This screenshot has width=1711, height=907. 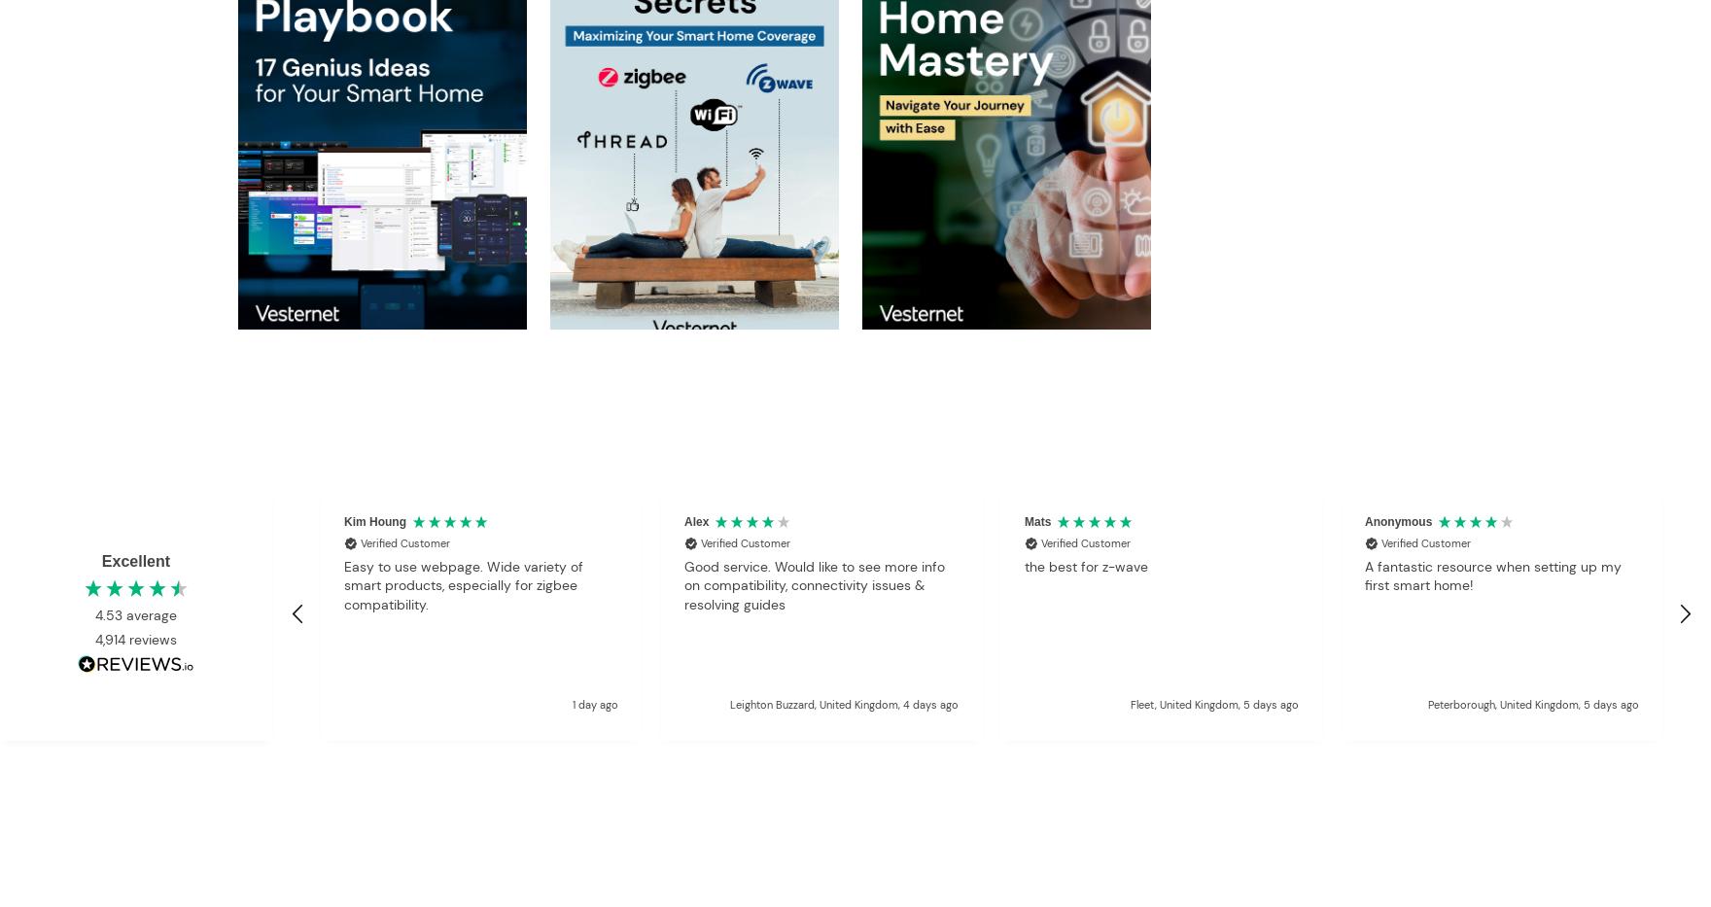 What do you see at coordinates (372, 521) in the screenshot?
I see `'Kim Houng'` at bounding box center [372, 521].